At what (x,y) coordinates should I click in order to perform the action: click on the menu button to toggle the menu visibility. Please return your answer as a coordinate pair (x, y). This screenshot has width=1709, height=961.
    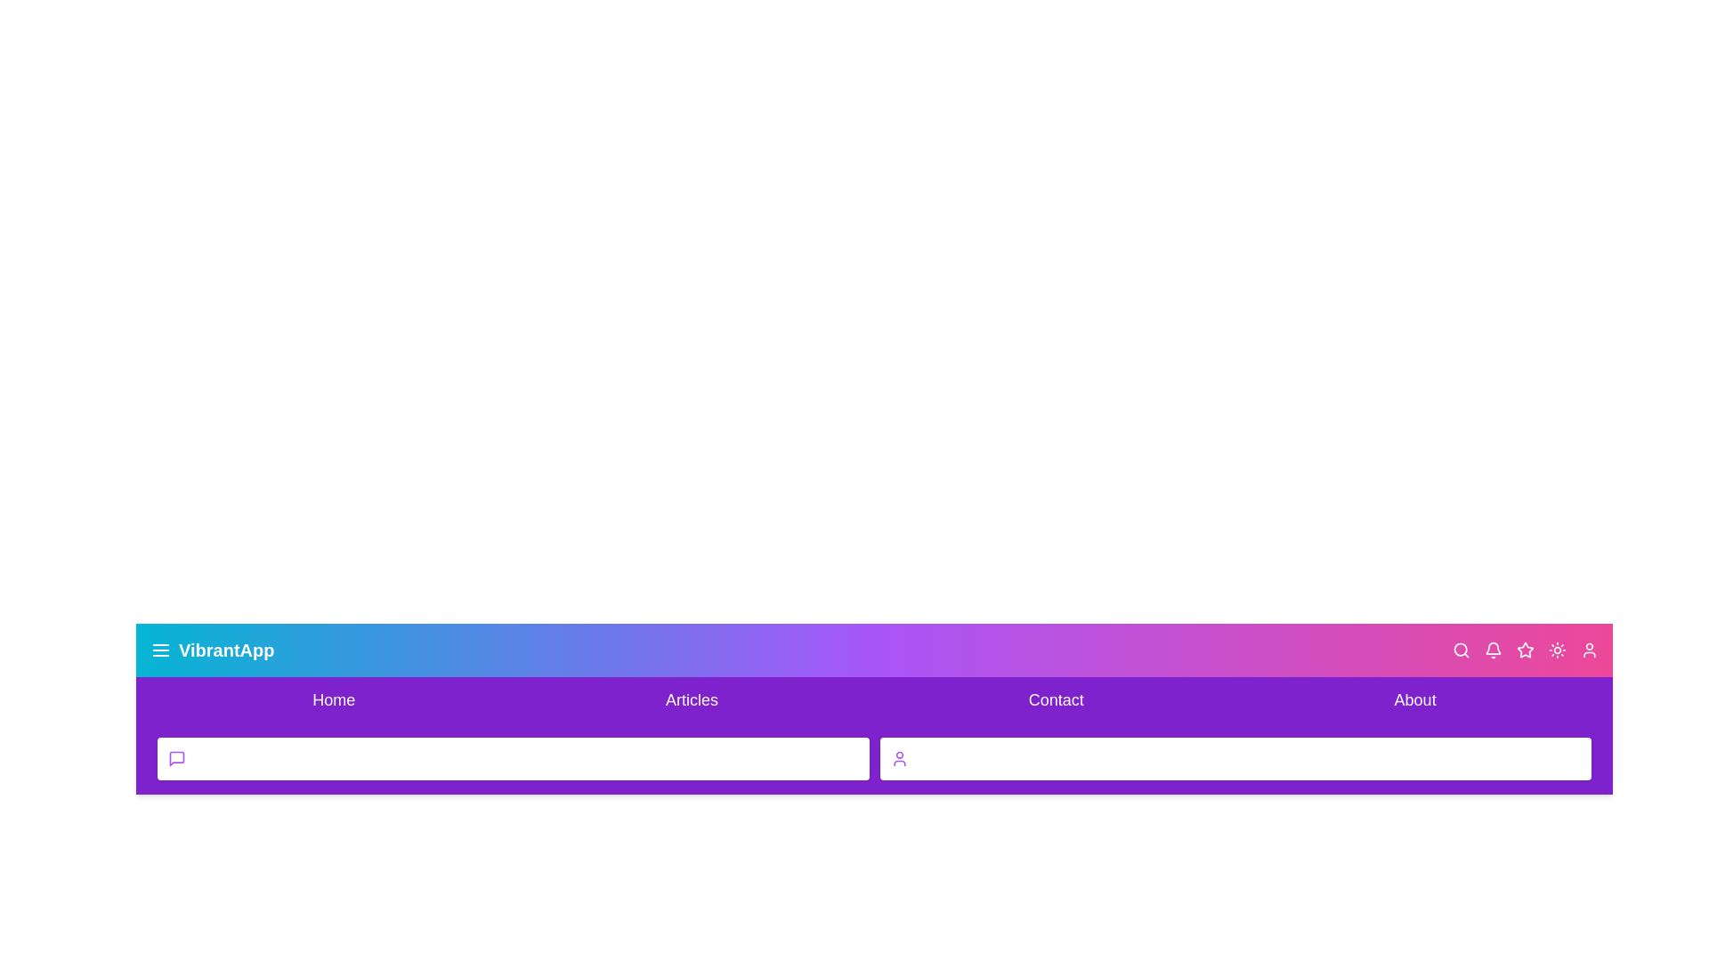
    Looking at the image, I should click on (161, 650).